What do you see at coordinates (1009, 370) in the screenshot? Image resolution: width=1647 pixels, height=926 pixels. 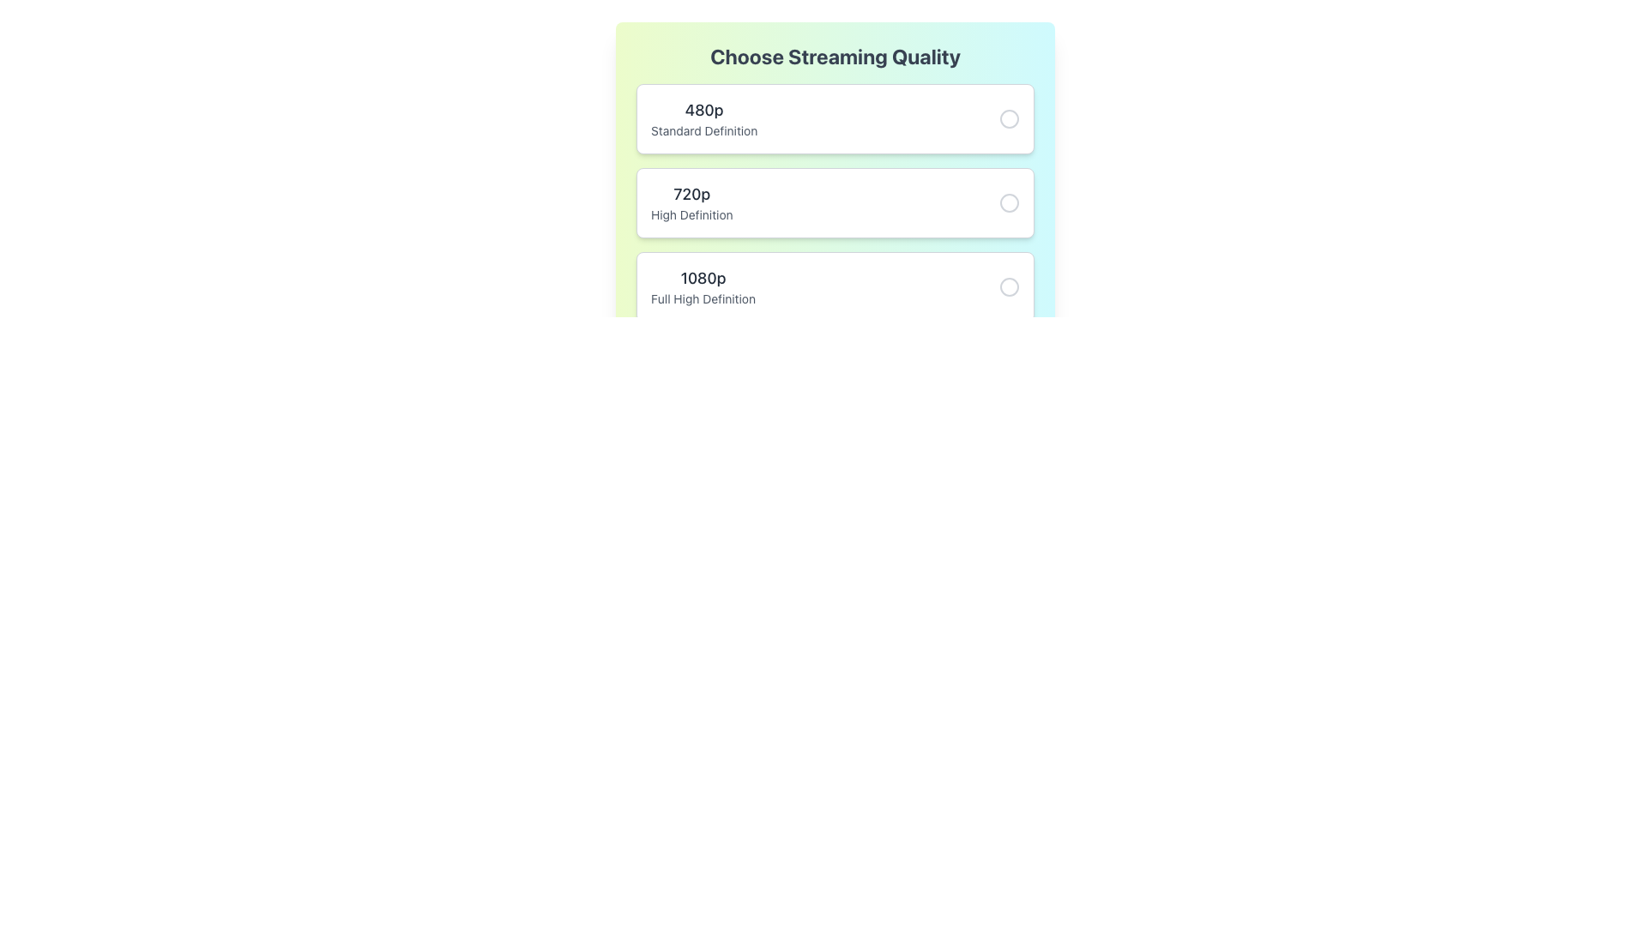 I see `the decorative circular graphic located in the lower-right corner of the interface, beneath the three streaming quality options` at bounding box center [1009, 370].